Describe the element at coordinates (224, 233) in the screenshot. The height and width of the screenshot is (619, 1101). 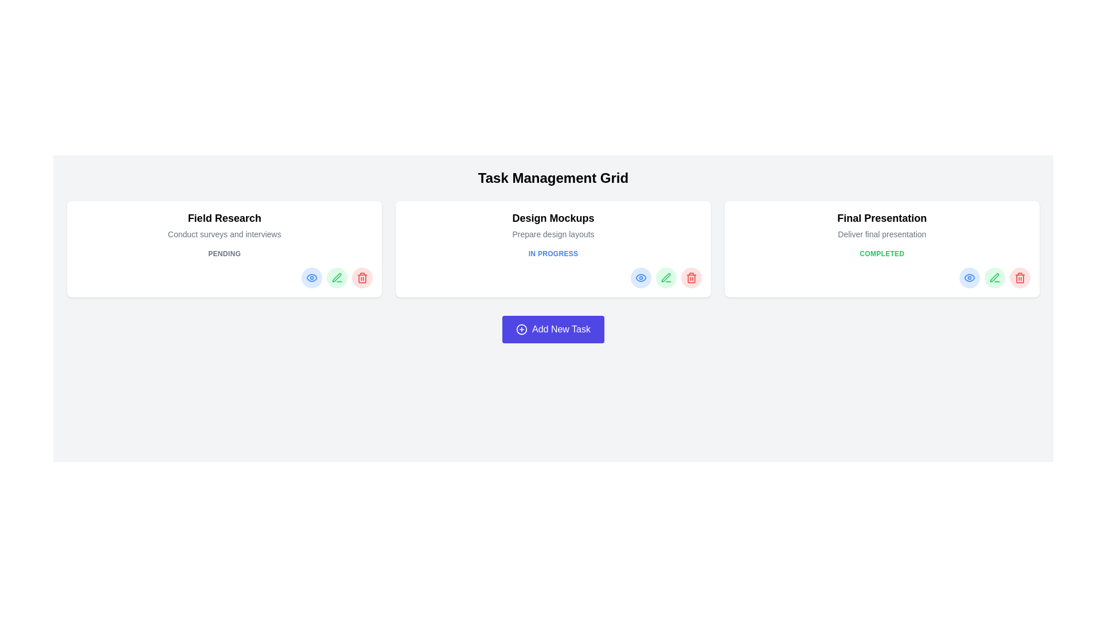
I see `the text label displaying 'Conduct surveys and interviews.' which is styled in a smaller gray font and positioned below the 'Field Research' title` at that location.